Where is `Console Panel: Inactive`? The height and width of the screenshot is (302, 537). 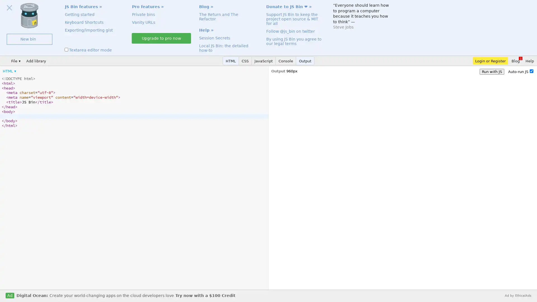
Console Panel: Inactive is located at coordinates (286, 61).